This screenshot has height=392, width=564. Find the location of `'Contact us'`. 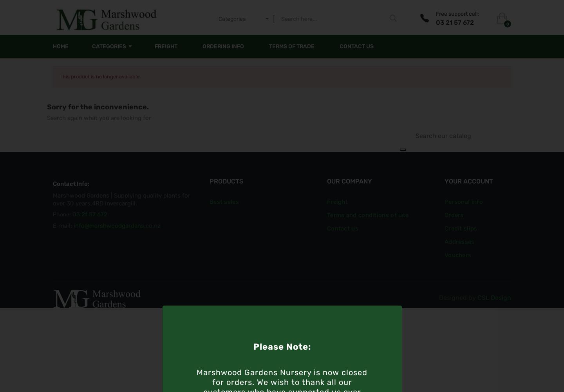

'Contact us' is located at coordinates (327, 228).